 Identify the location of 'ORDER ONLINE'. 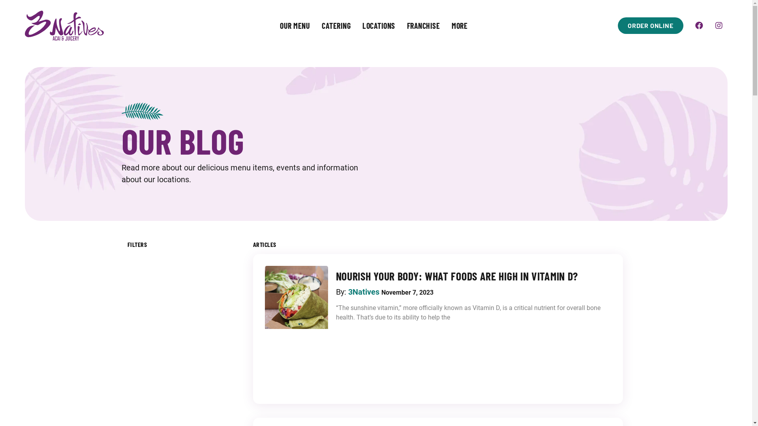
(617, 25).